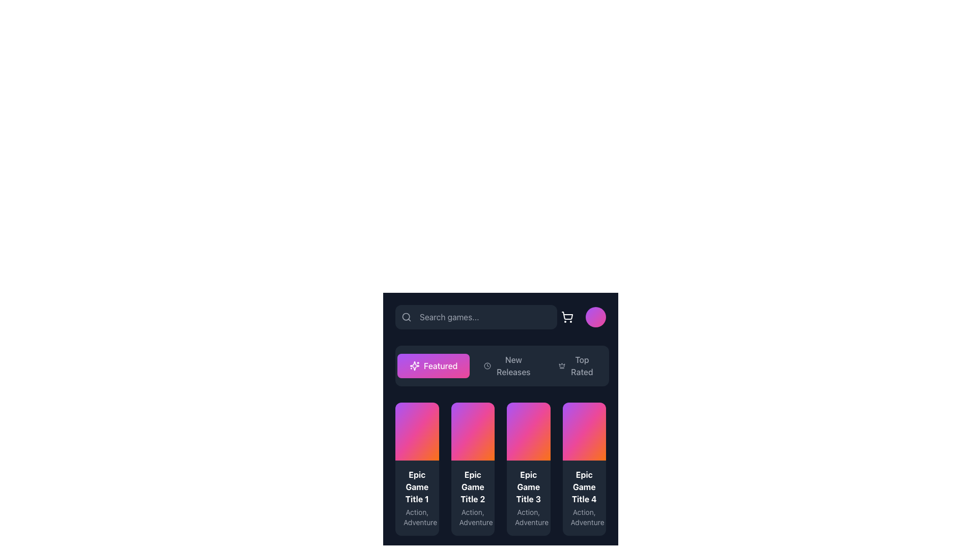  Describe the element at coordinates (487, 366) in the screenshot. I see `the 'New Releases' icon located on the left side of the text within the 'New Releases' button in the top section of the interface` at that location.